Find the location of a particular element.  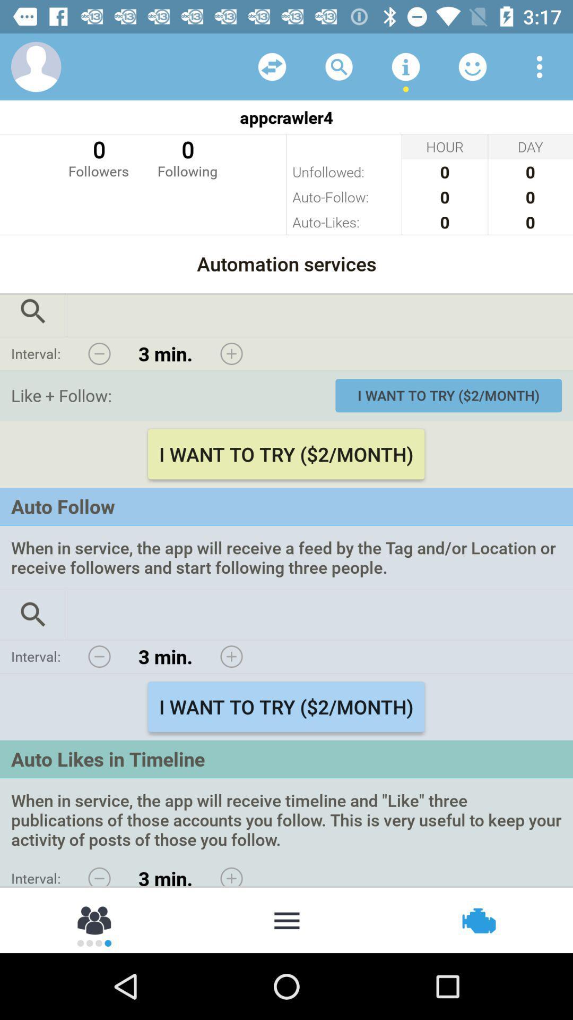

share with contacts is located at coordinates (94, 919).